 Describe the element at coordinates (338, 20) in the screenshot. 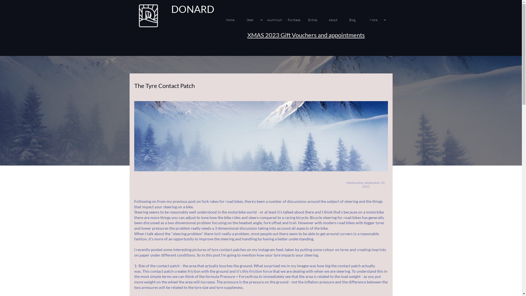

I see `'About'` at that location.